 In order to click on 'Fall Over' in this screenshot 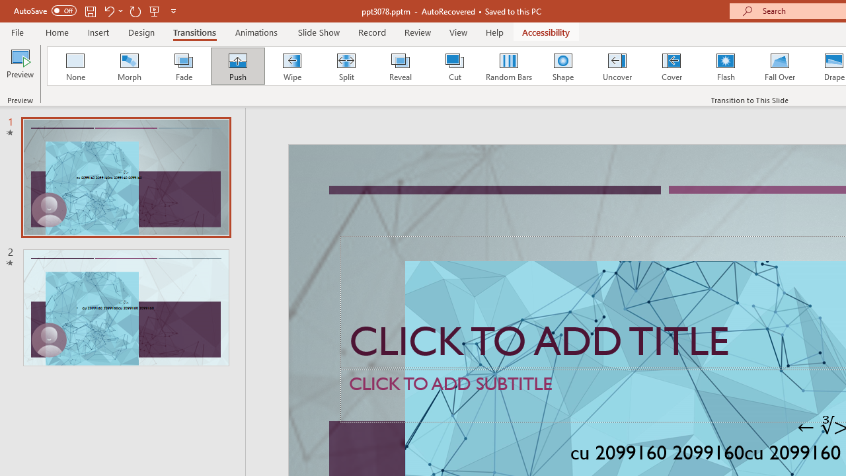, I will do `click(780, 66)`.